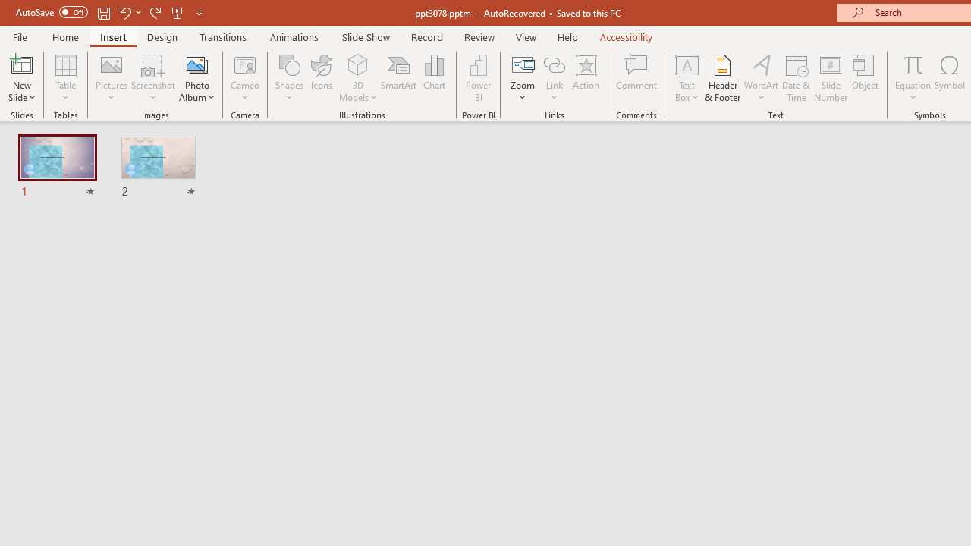  What do you see at coordinates (245, 64) in the screenshot?
I see `'Cameo'` at bounding box center [245, 64].